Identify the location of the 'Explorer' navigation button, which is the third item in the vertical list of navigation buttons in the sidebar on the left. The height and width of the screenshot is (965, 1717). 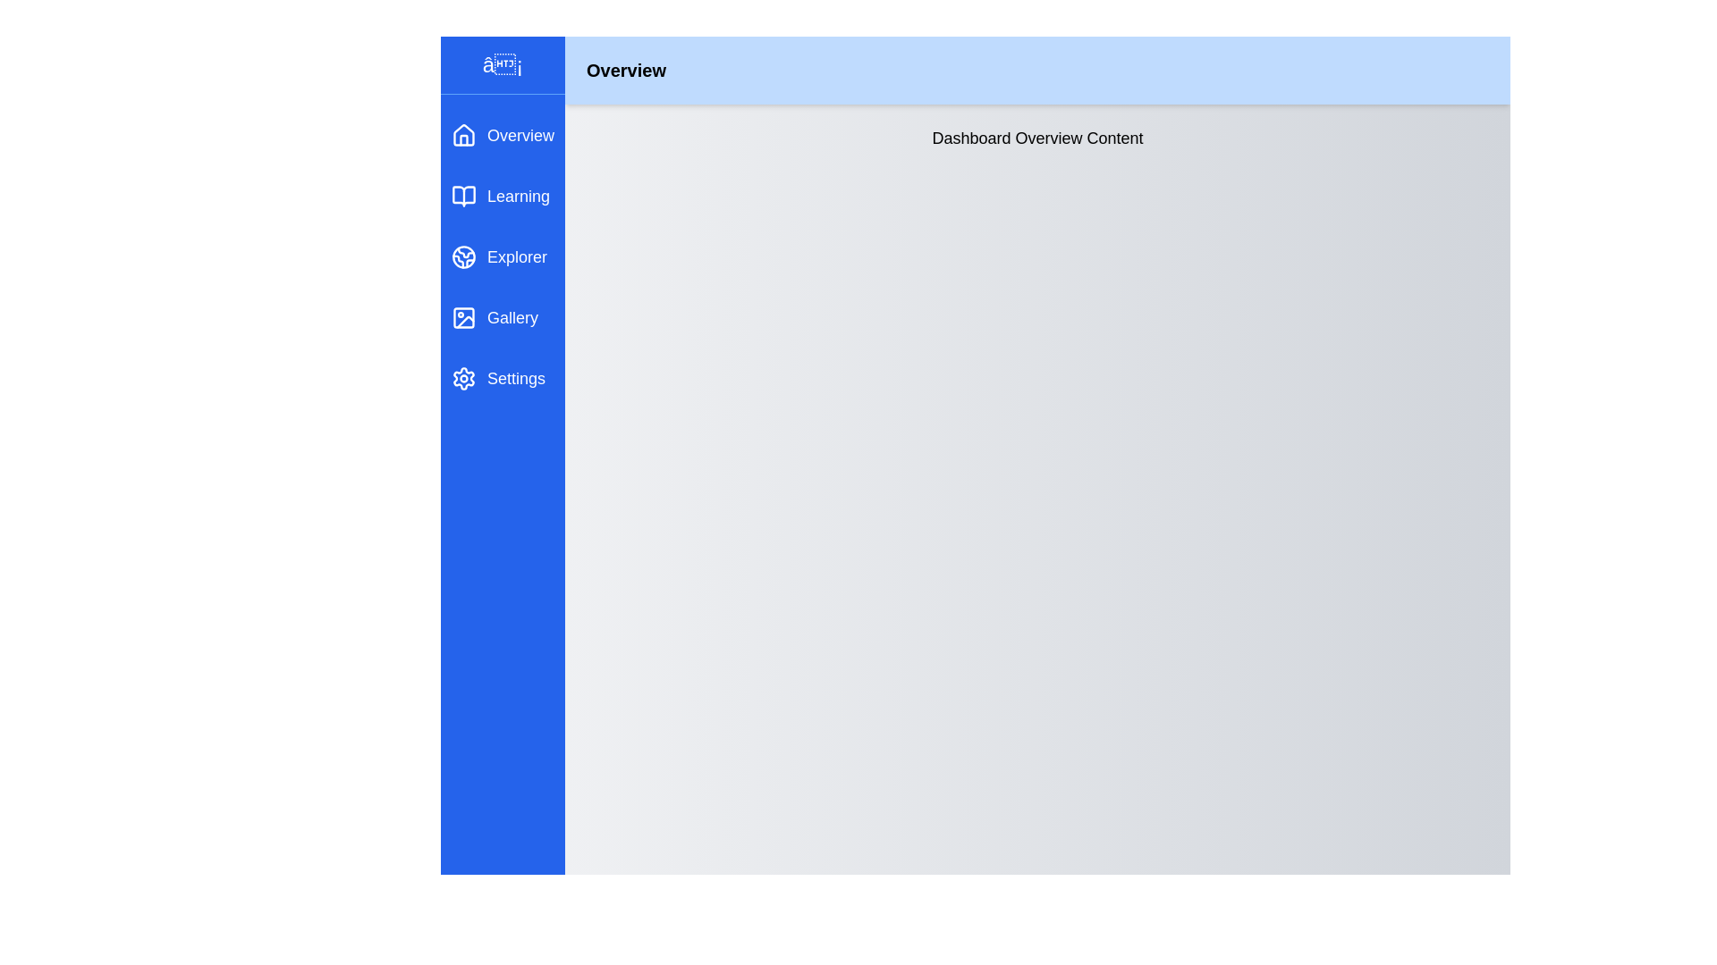
(502, 257).